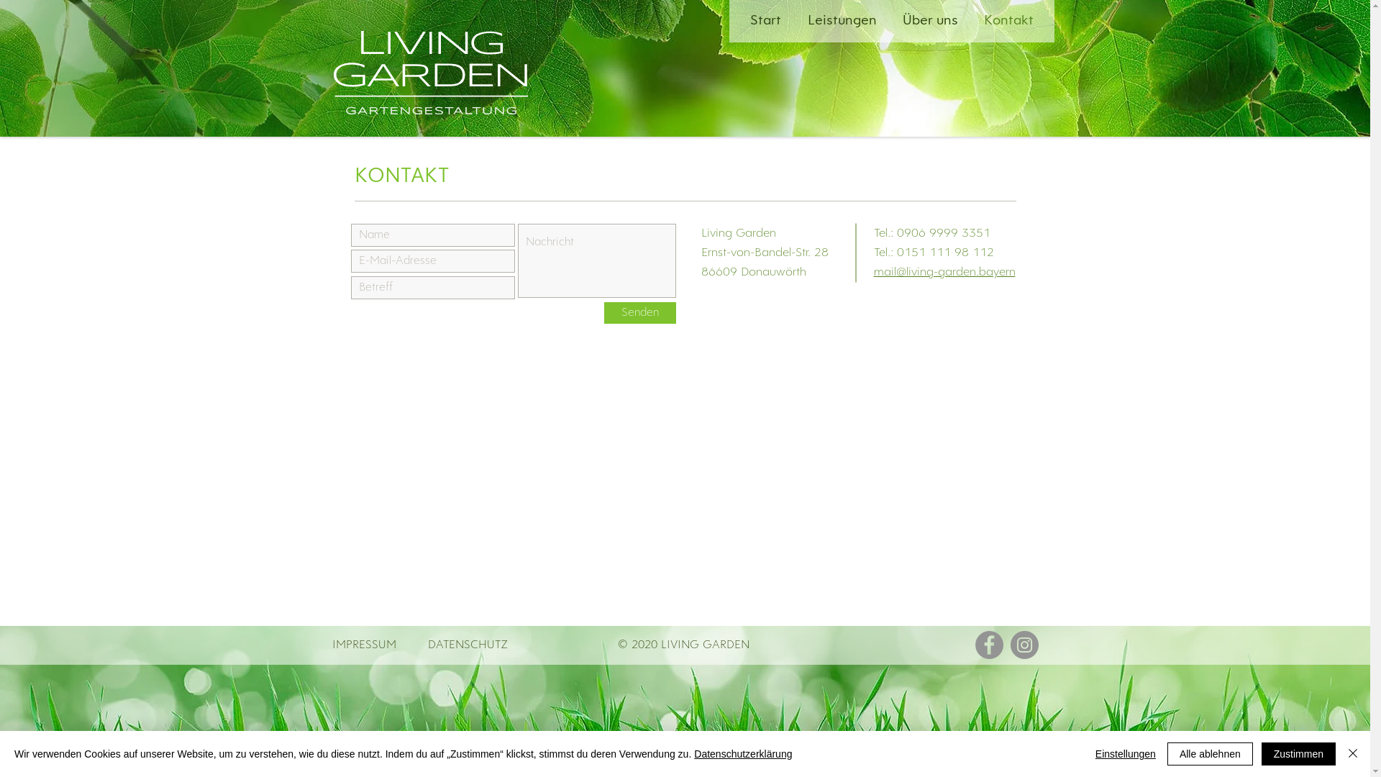 The image size is (1381, 777). Describe the element at coordinates (427, 644) in the screenshot. I see `'DATENSCHUTZ'` at that location.